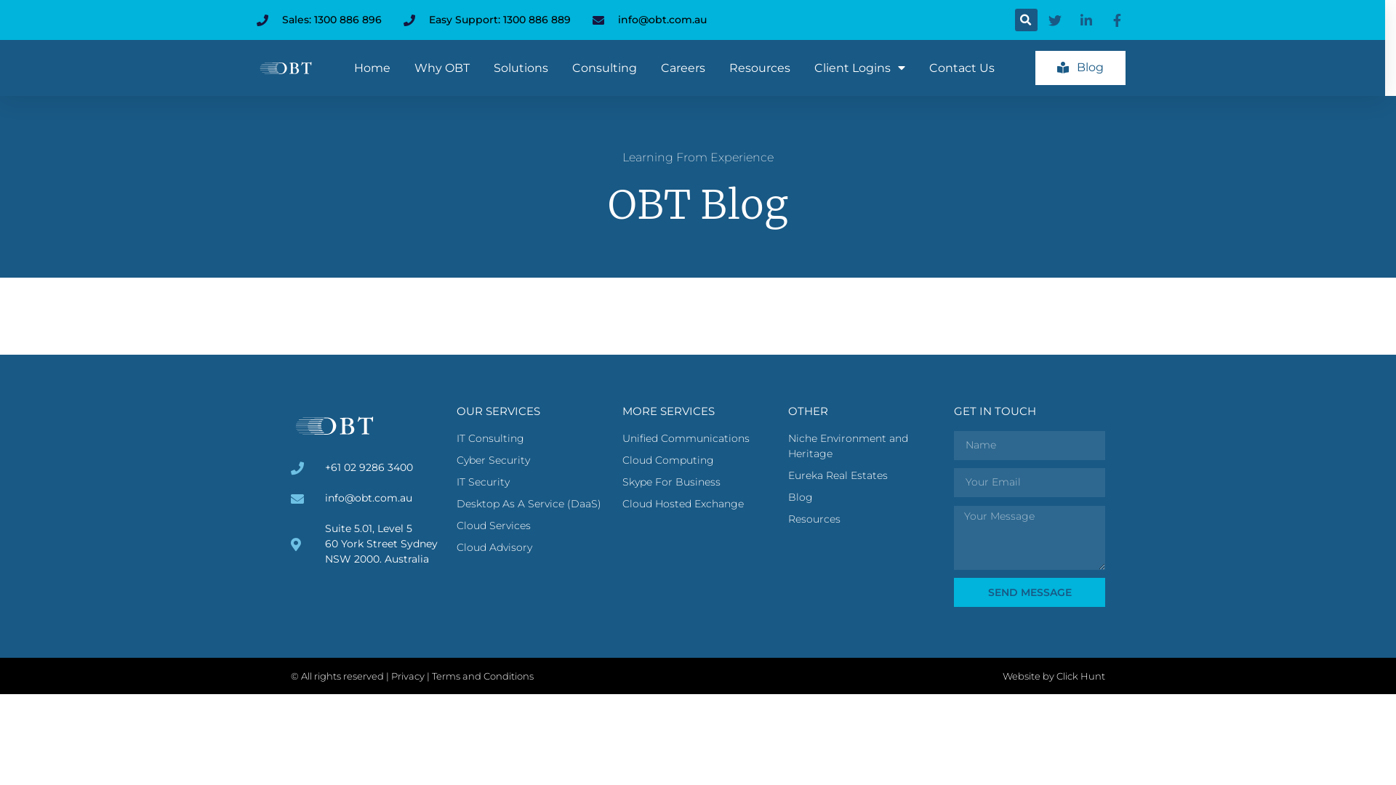  What do you see at coordinates (698, 482) in the screenshot?
I see `'Skype For Business'` at bounding box center [698, 482].